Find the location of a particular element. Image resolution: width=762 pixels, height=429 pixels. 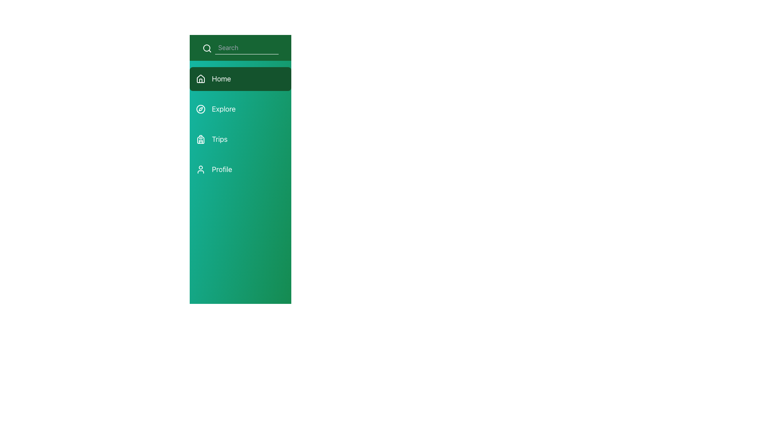

the magnifying glass icon, which is the first element on the left in the sidebar is located at coordinates (207, 48).